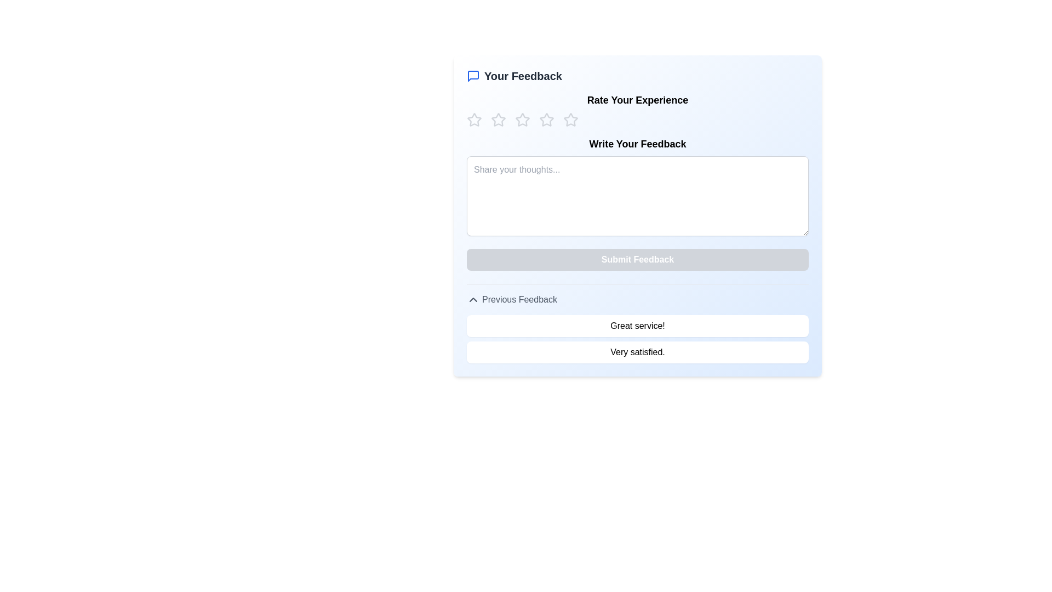 This screenshot has height=592, width=1052. What do you see at coordinates (522, 119) in the screenshot?
I see `the second star-shaped icon with a gray outline in the rating row` at bounding box center [522, 119].